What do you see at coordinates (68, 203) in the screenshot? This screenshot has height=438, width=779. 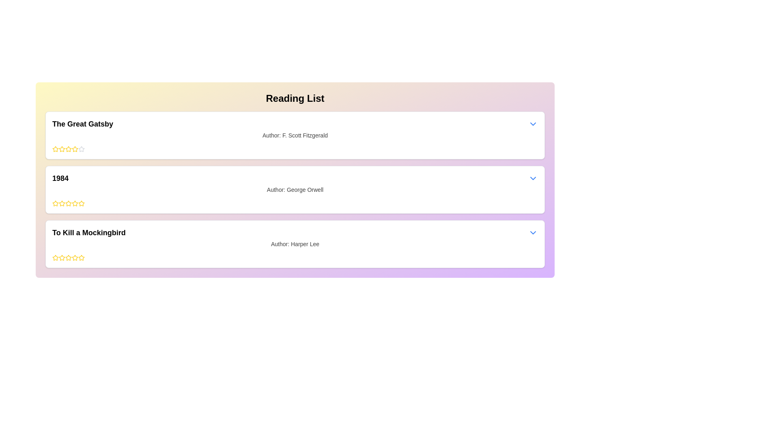 I see `the third yellow outlined star in the rating system under the text '1984' in the 'Reading List' interface` at bounding box center [68, 203].